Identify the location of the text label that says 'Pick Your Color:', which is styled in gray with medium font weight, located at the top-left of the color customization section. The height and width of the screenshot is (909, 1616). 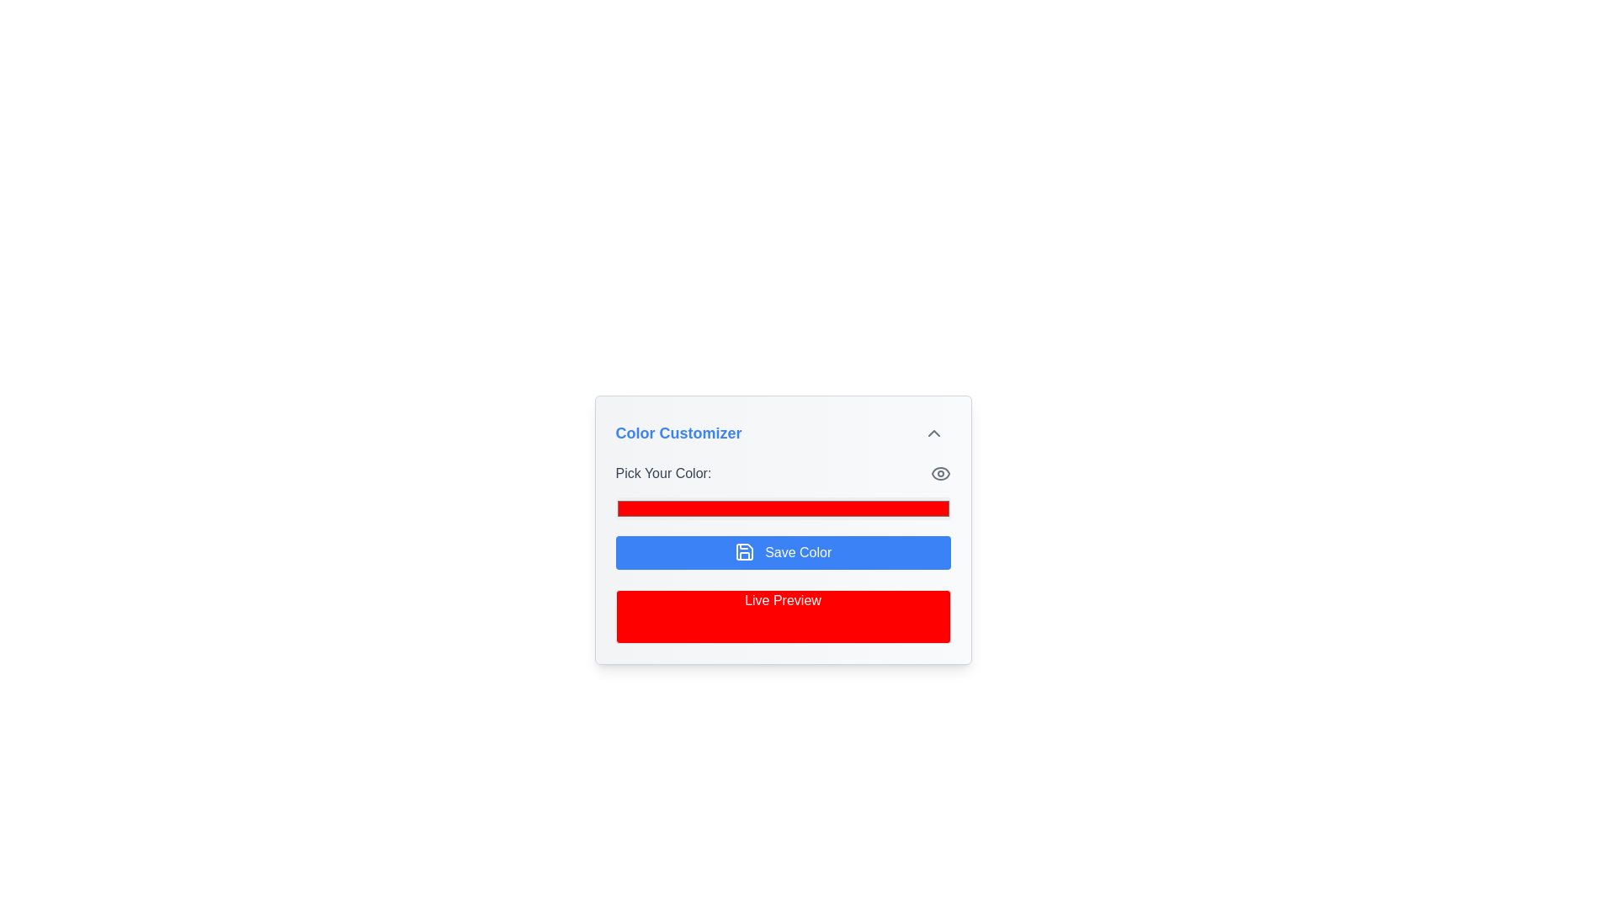
(662, 474).